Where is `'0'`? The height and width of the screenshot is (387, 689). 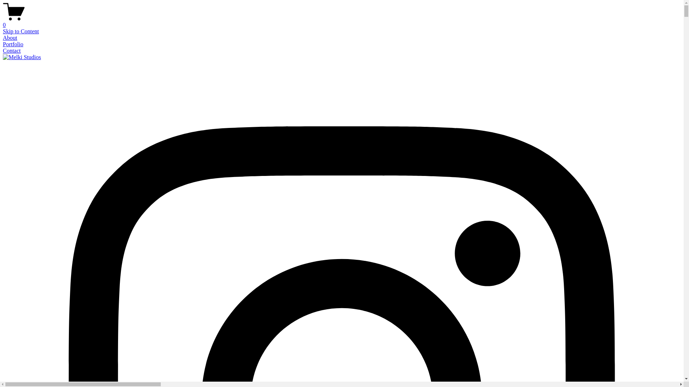
'0' is located at coordinates (341, 21).